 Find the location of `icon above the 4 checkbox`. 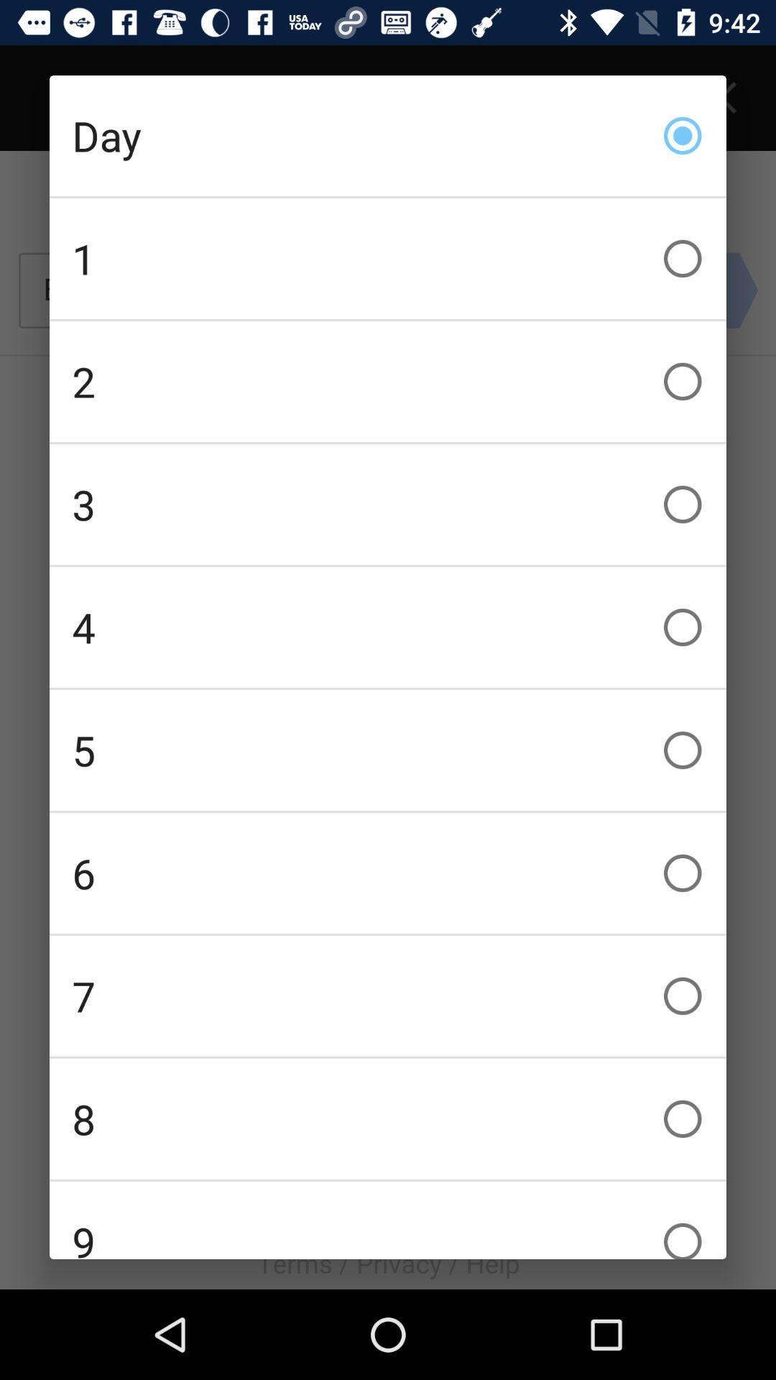

icon above the 4 checkbox is located at coordinates (388, 504).